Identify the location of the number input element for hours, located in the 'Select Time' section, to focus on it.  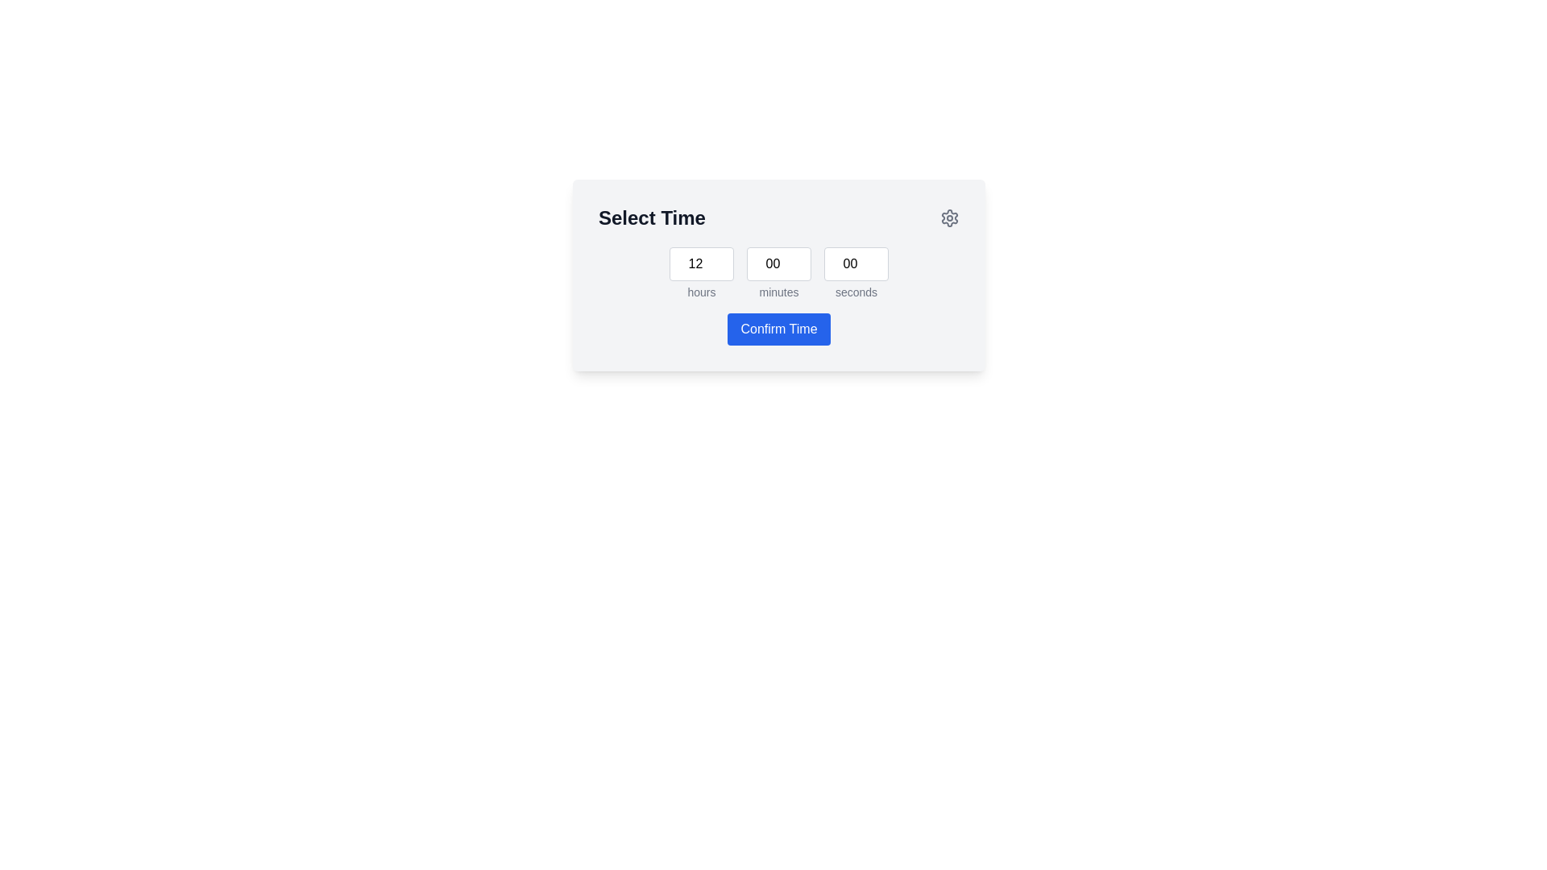
(701, 272).